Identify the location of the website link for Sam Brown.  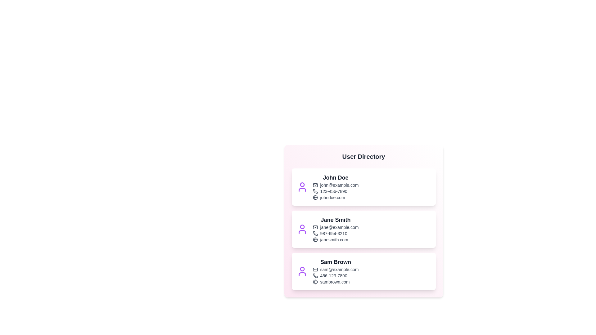
(335, 282).